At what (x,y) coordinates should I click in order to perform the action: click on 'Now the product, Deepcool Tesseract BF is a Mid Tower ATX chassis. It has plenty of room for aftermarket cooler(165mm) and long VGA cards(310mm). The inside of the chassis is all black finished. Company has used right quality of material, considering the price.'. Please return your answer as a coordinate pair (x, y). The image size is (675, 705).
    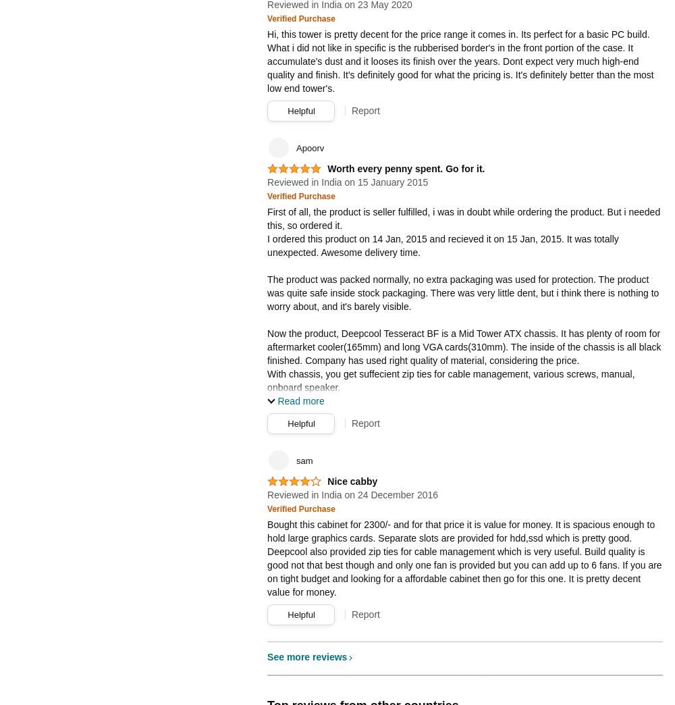
    Looking at the image, I should click on (464, 346).